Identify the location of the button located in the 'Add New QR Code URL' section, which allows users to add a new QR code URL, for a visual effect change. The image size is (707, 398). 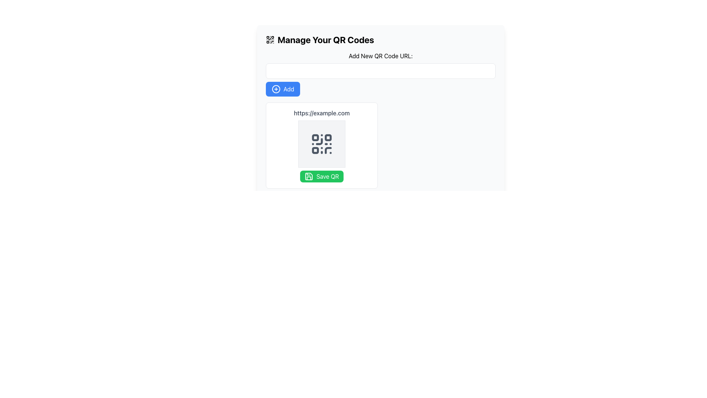
(282, 89).